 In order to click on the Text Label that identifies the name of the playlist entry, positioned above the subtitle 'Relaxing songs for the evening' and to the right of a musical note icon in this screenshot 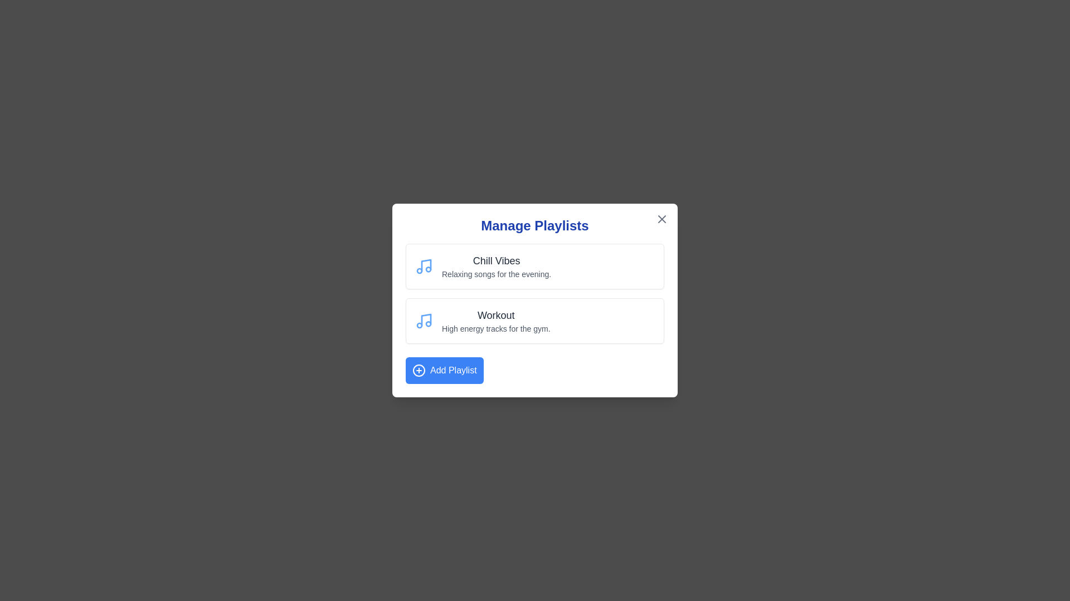, I will do `click(496, 261)`.